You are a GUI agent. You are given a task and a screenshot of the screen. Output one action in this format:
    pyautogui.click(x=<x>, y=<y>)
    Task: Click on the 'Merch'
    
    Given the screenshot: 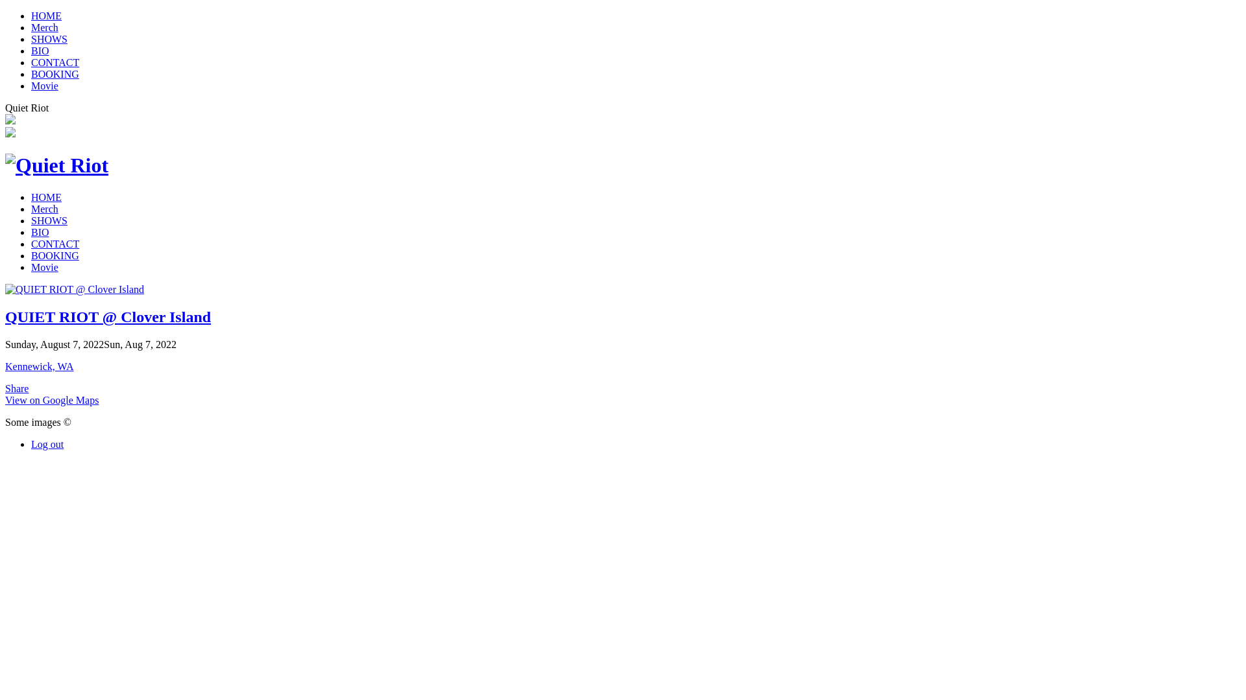 What is the action you would take?
    pyautogui.click(x=31, y=27)
    